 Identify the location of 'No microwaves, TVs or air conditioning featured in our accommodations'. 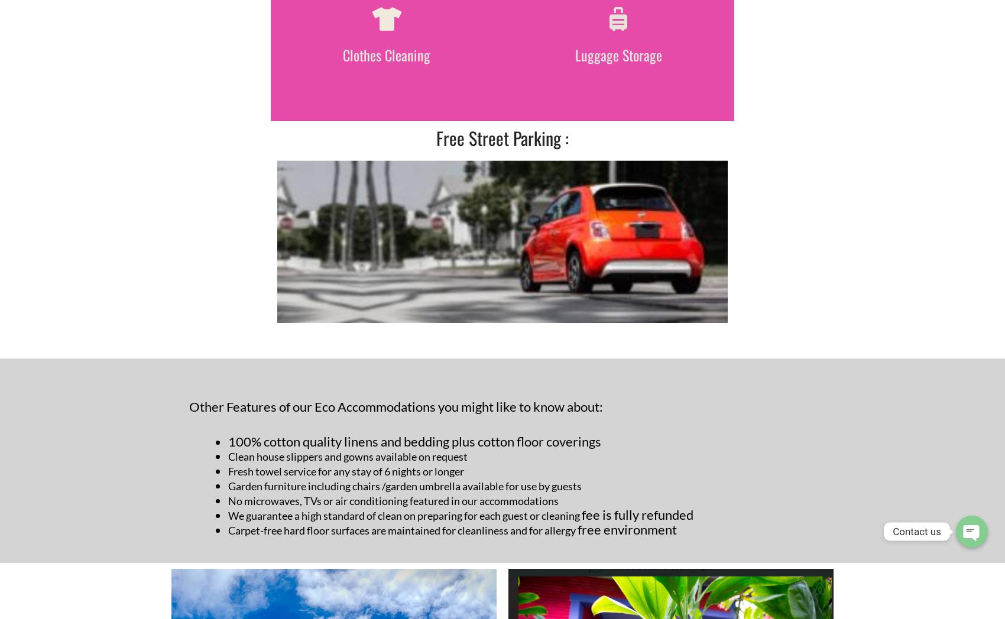
(393, 501).